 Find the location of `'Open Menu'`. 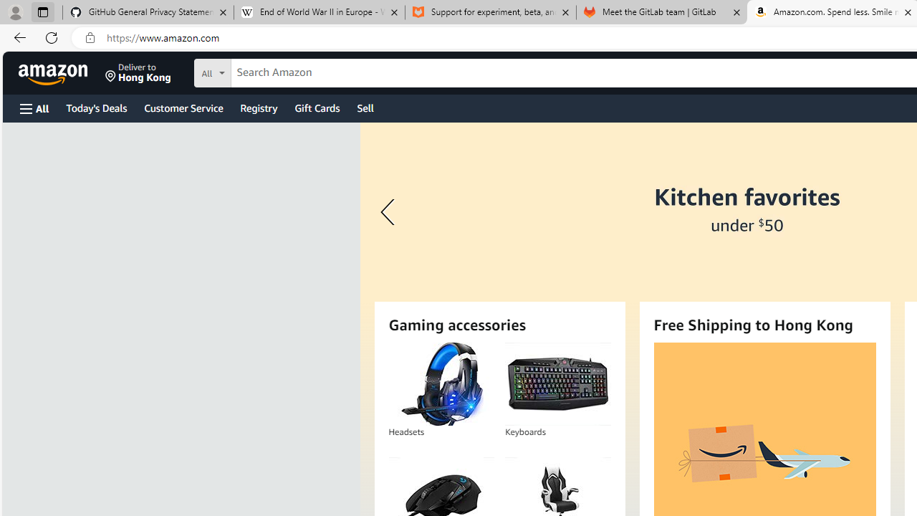

'Open Menu' is located at coordinates (34, 107).